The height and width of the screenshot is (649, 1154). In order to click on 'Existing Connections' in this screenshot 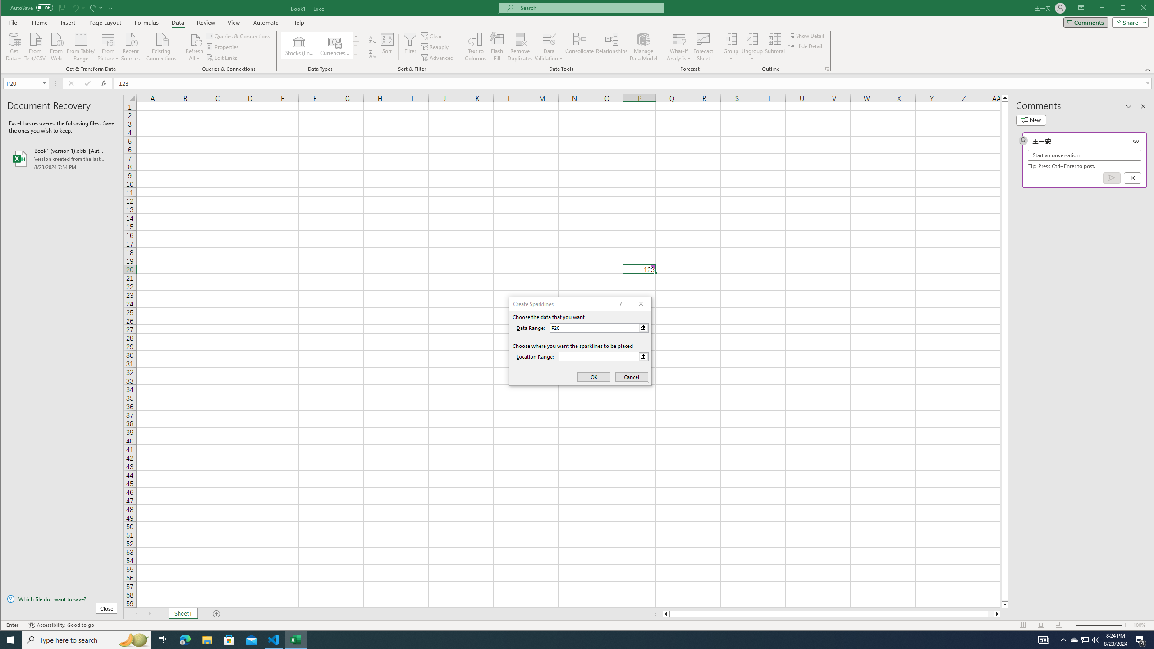, I will do `click(161, 46)`.